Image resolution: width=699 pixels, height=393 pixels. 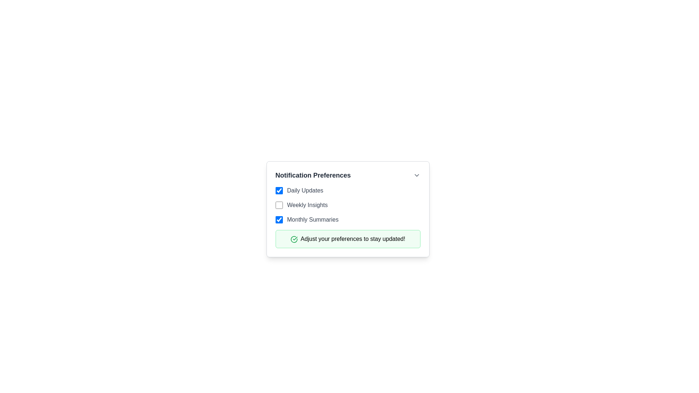 I want to click on the green-colored circular checkmark icon located in the green-bordered notification box that contains the text 'Adjust your preferences to stay updated!', so click(x=294, y=239).